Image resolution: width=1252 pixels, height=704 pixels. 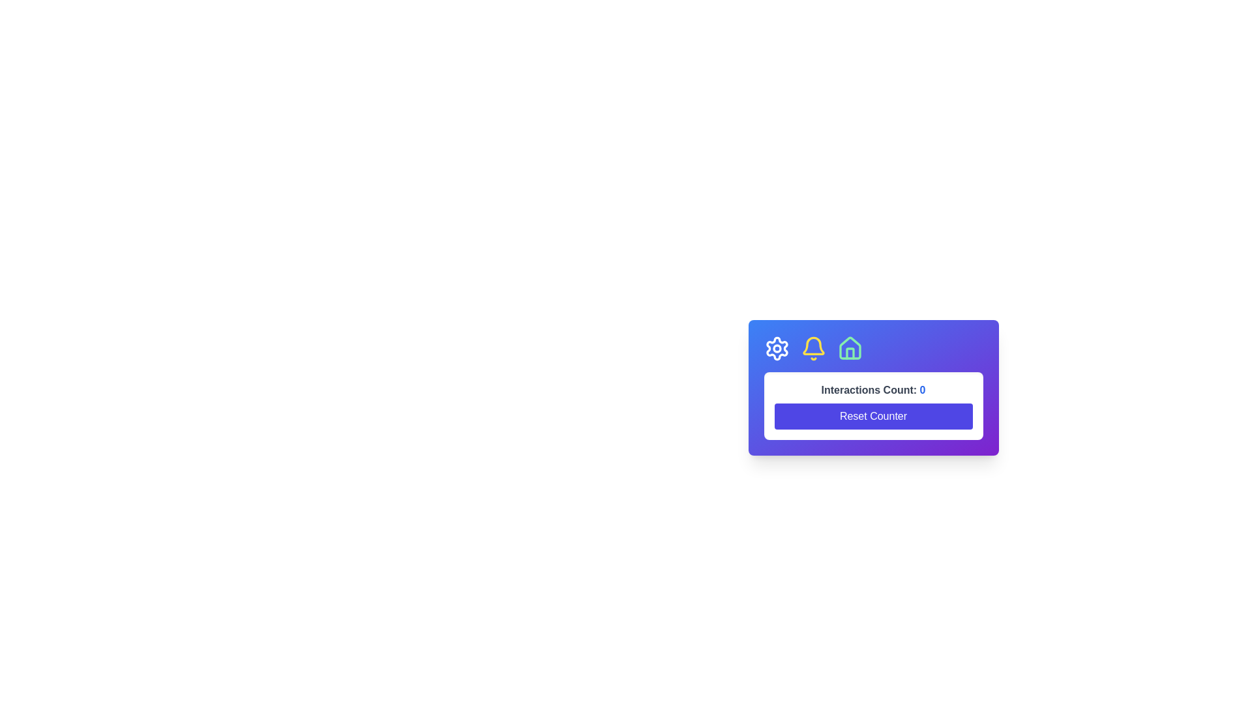 What do you see at coordinates (873, 430) in the screenshot?
I see `the interactive button labeled 'Reset Counter' which is part of a composite component that also includes a label, centrally positioned below three icon buttons` at bounding box center [873, 430].